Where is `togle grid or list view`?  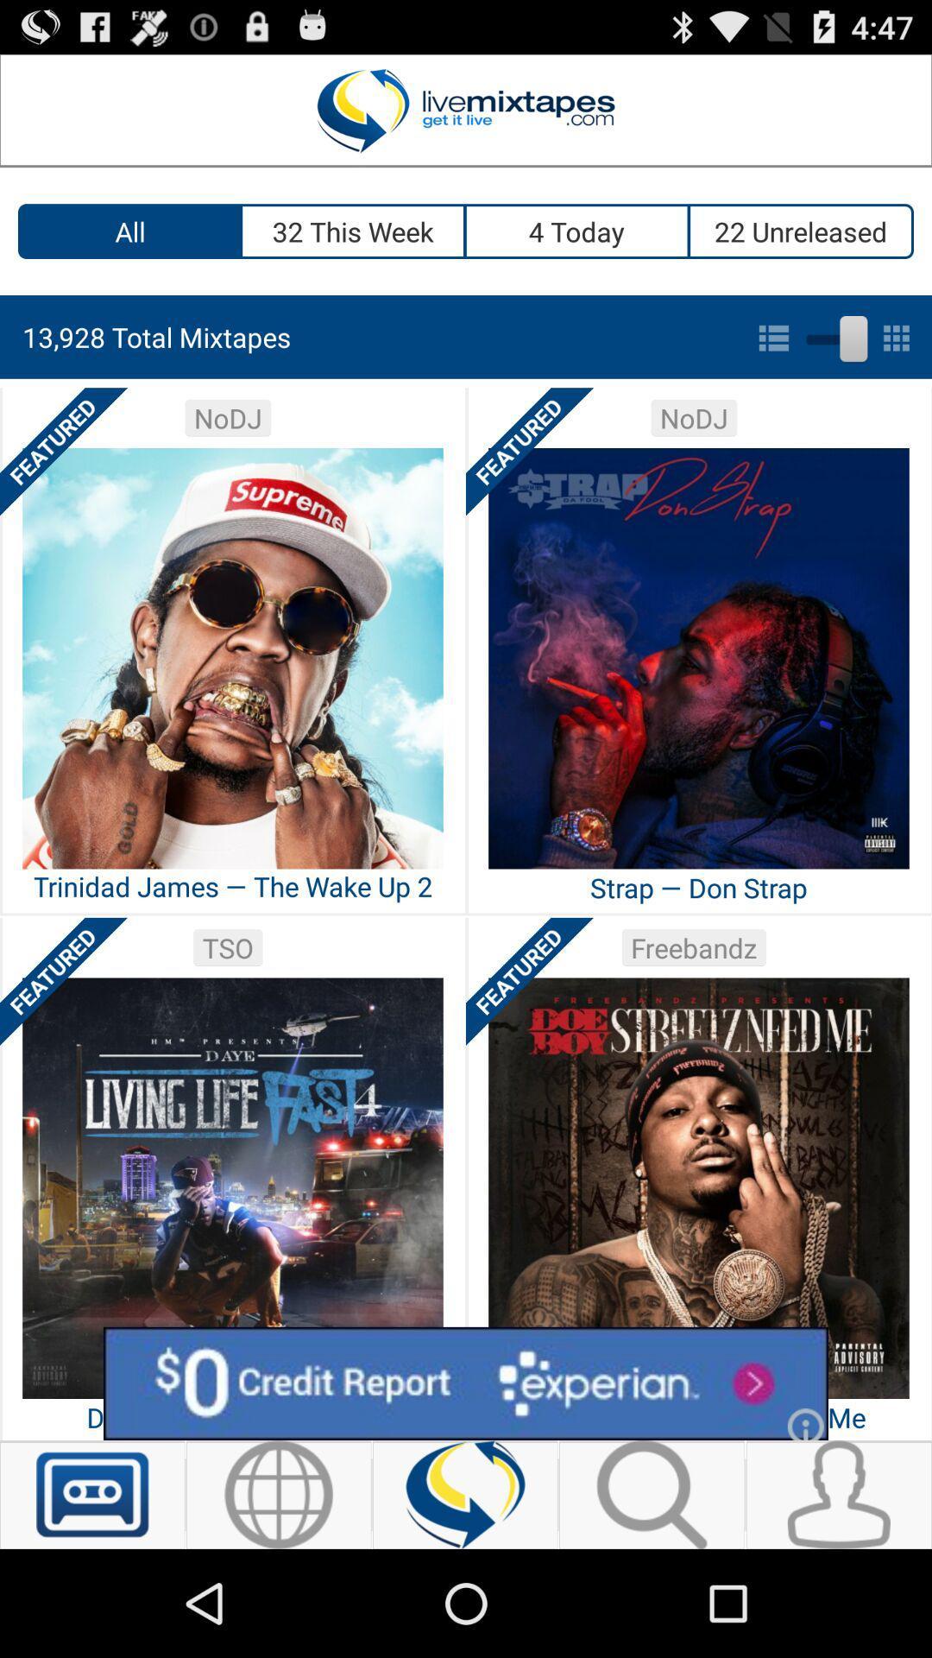 togle grid or list view is located at coordinates (833, 335).